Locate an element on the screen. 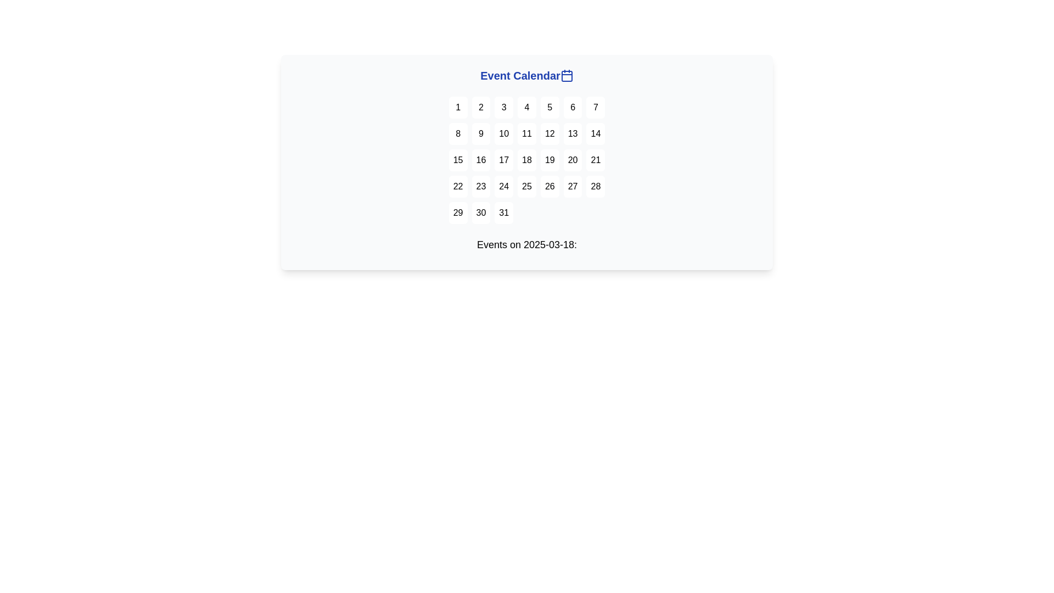 Image resolution: width=1054 pixels, height=593 pixels. the calendar icon styled in blue, located next to the text 'Event Calendar' is located at coordinates (567, 75).